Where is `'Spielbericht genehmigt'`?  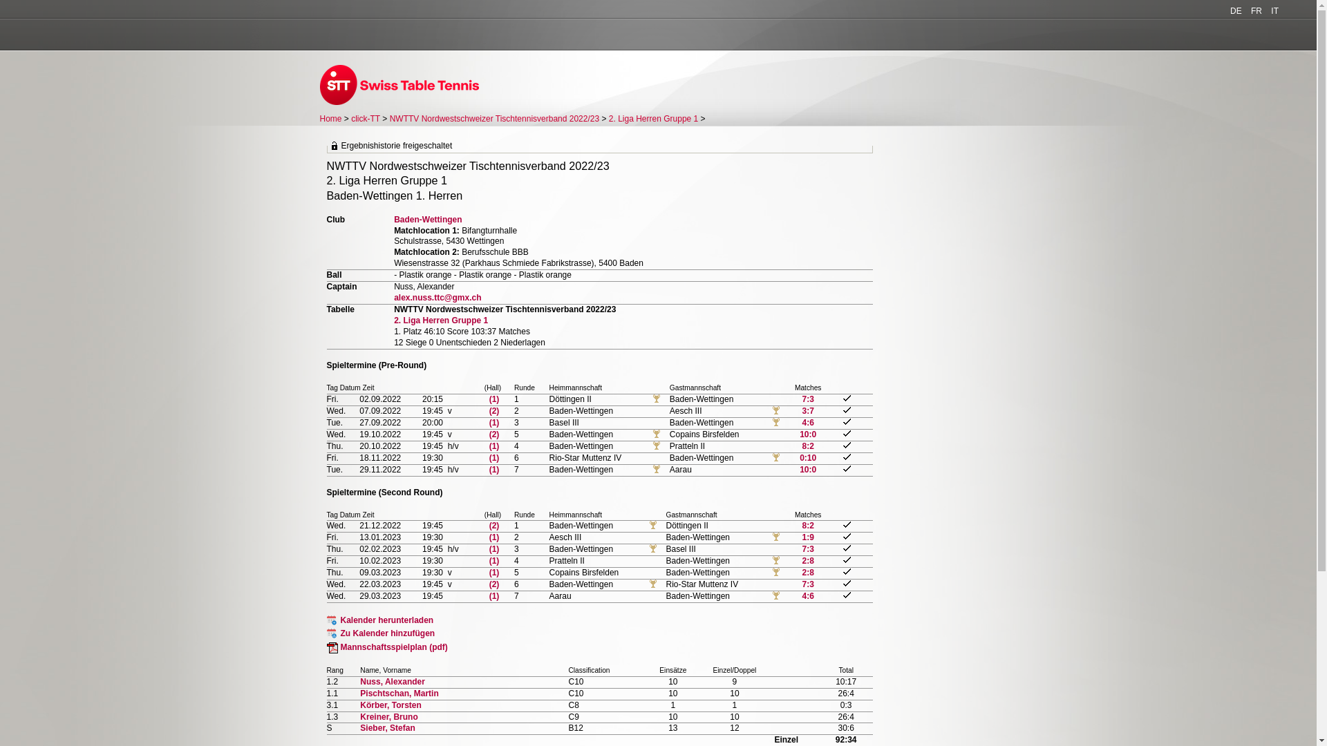 'Spielbericht genehmigt' is located at coordinates (846, 445).